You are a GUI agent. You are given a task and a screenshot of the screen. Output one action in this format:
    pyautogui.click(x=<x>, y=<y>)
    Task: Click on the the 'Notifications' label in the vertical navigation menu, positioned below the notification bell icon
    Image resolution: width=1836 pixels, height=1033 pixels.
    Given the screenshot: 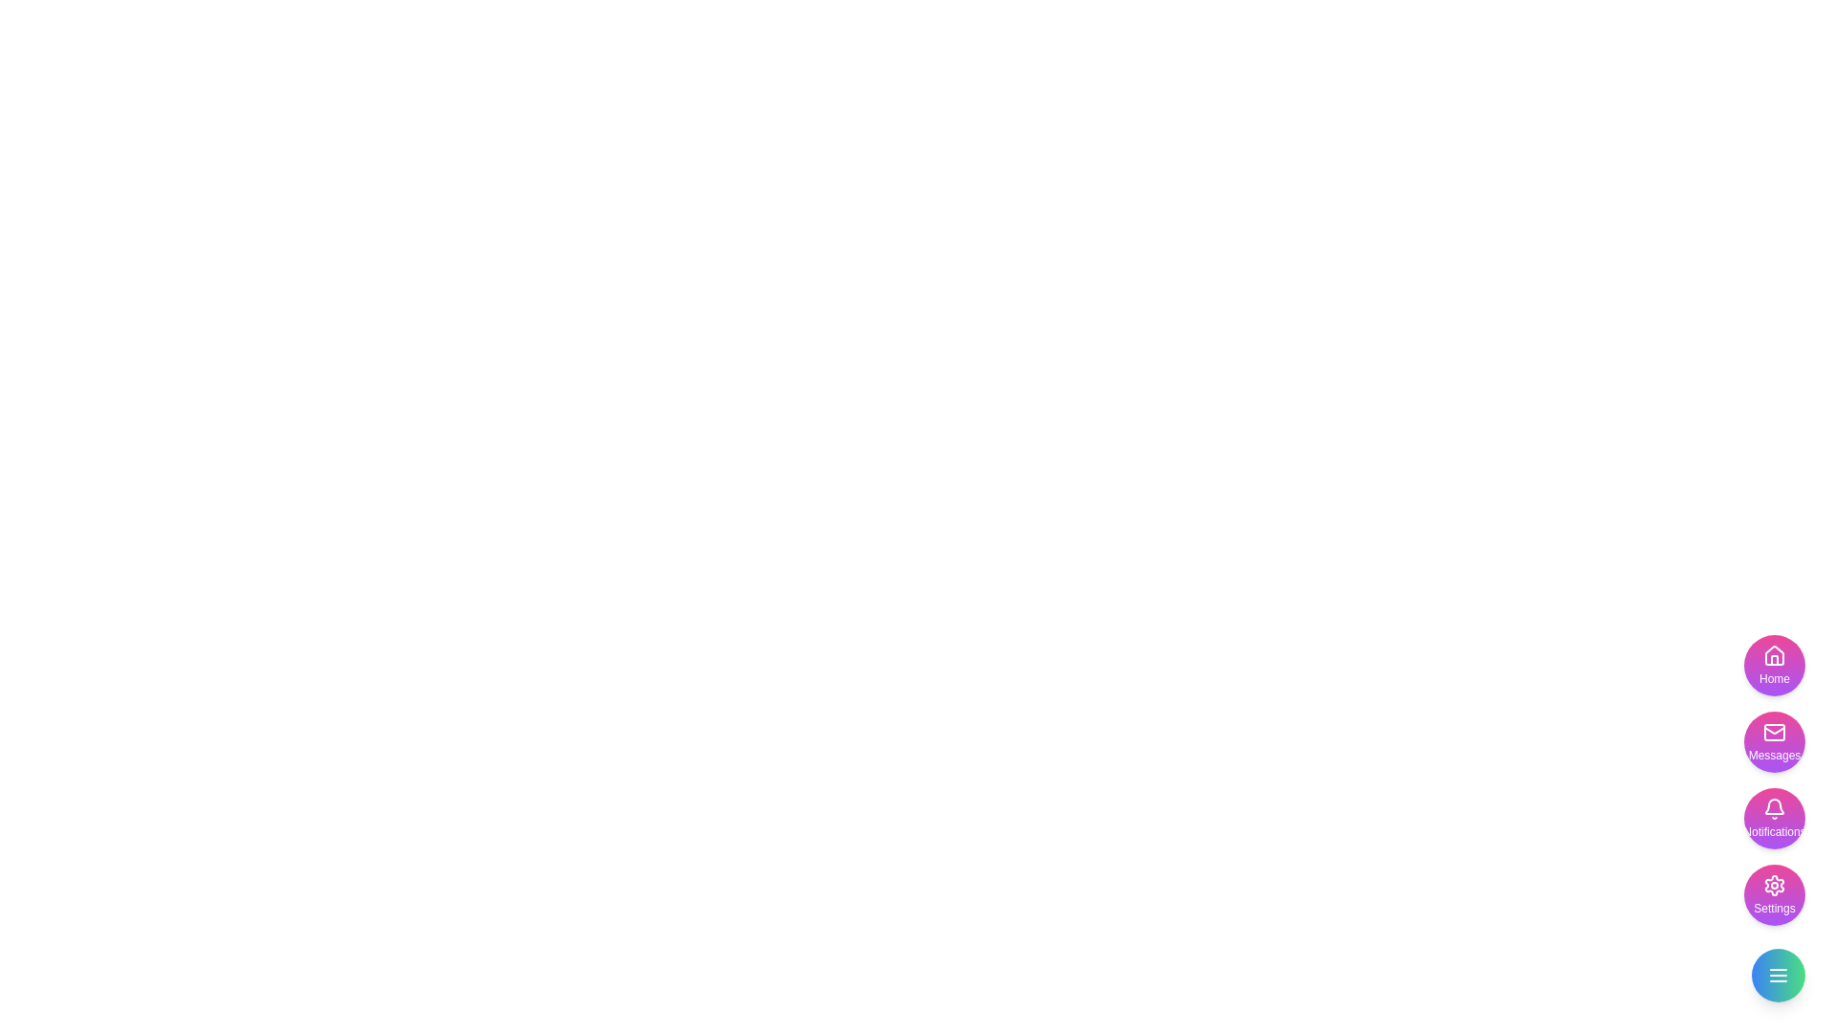 What is the action you would take?
    pyautogui.click(x=1774, y=831)
    